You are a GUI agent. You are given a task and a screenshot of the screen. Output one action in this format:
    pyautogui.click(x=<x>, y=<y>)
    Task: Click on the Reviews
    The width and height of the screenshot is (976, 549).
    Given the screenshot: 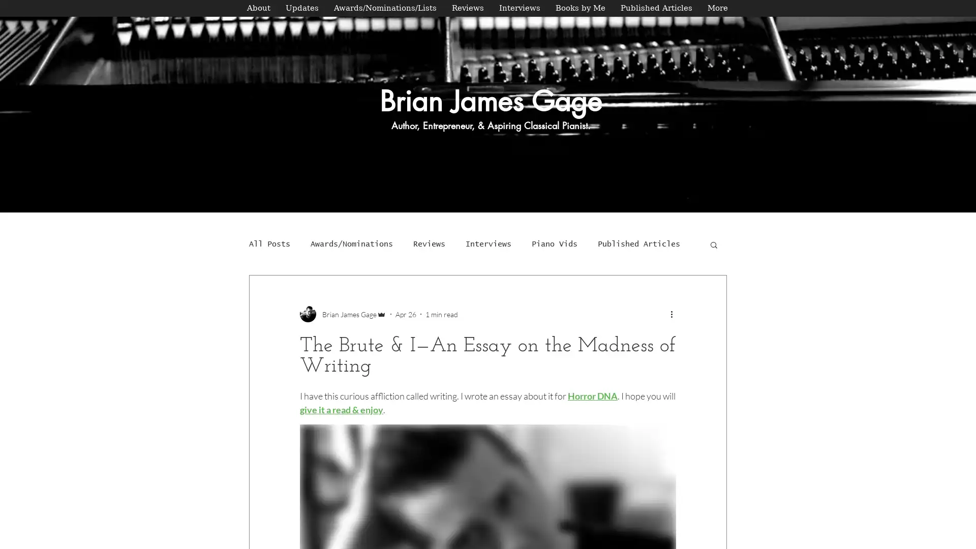 What is the action you would take?
    pyautogui.click(x=429, y=245)
    